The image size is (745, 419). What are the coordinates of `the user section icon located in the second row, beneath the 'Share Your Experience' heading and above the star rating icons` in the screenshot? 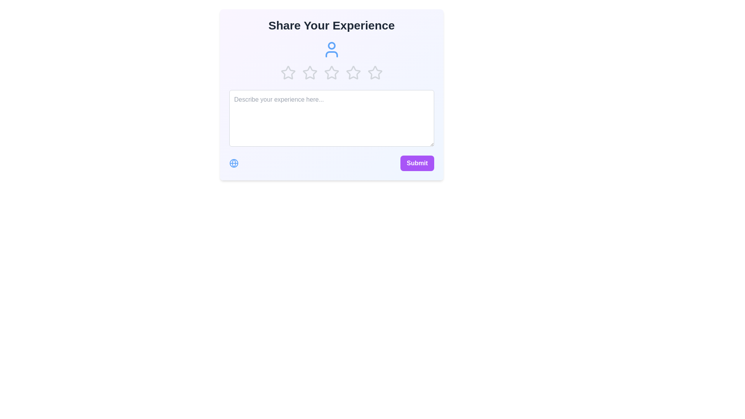 It's located at (331, 49).